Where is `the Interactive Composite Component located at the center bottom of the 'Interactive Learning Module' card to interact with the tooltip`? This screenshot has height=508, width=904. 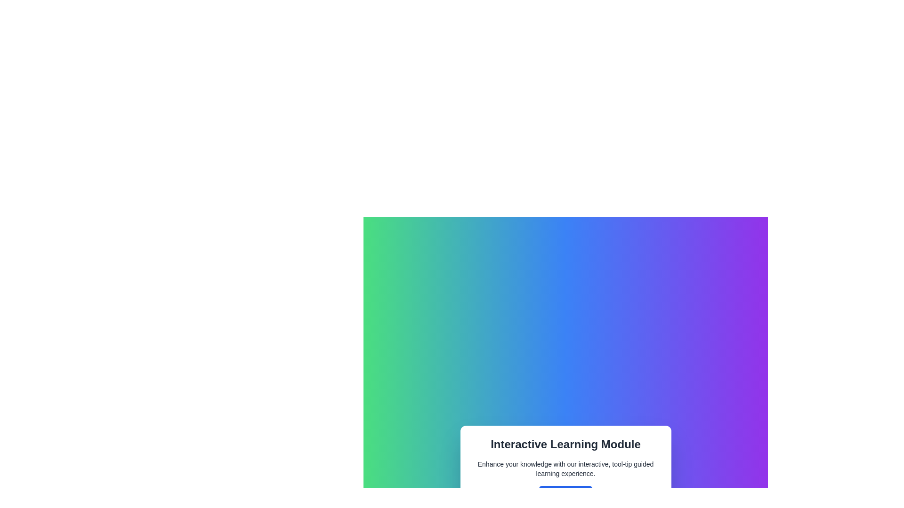
the Interactive Composite Component located at the center bottom of the 'Interactive Learning Module' card to interact with the tooltip is located at coordinates (565, 495).